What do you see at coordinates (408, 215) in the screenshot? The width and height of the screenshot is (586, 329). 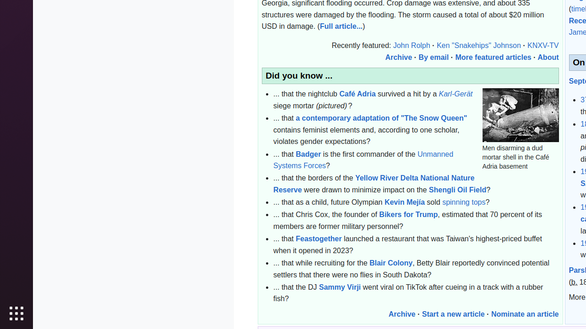 I see `'Bikers for Trump'` at bounding box center [408, 215].